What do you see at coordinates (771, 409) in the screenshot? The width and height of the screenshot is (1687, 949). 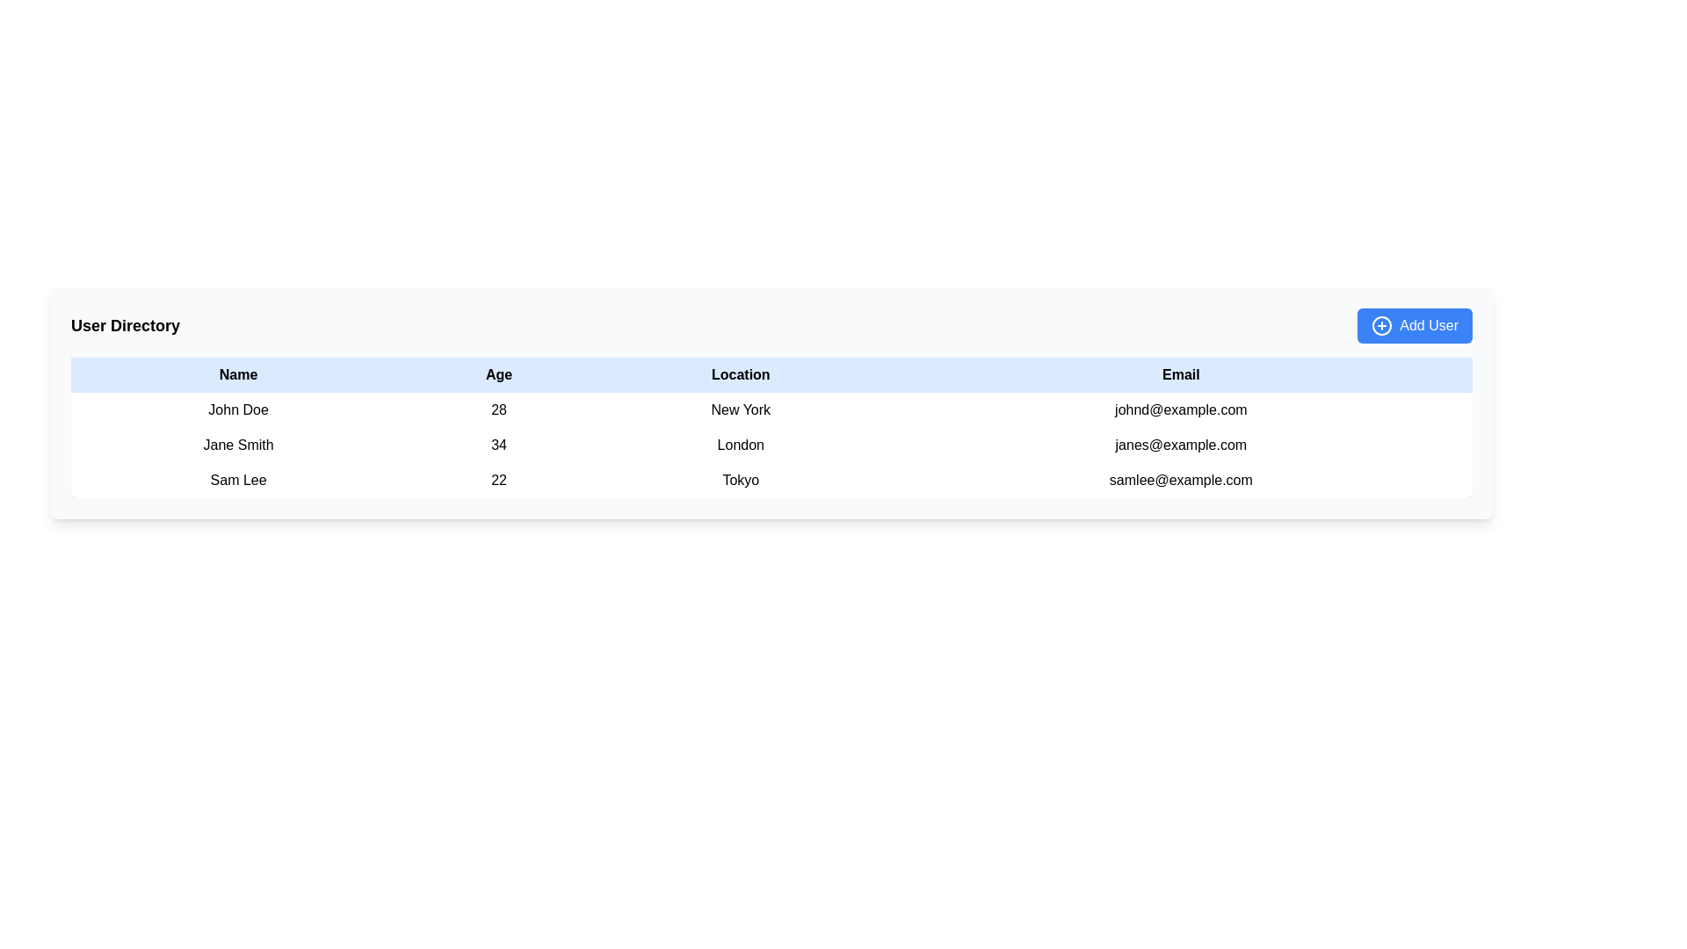 I see `the first row of the table body` at bounding box center [771, 409].